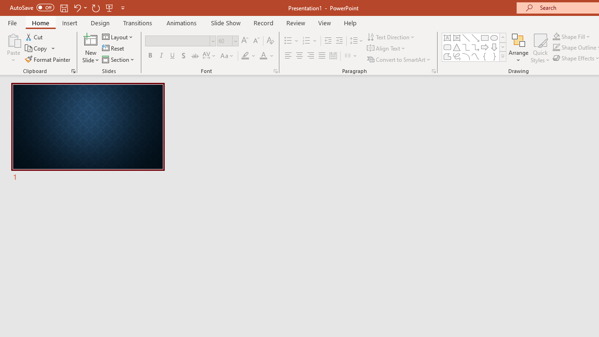 Image resolution: width=599 pixels, height=337 pixels. Describe the element at coordinates (299, 56) in the screenshot. I see `'Center'` at that location.